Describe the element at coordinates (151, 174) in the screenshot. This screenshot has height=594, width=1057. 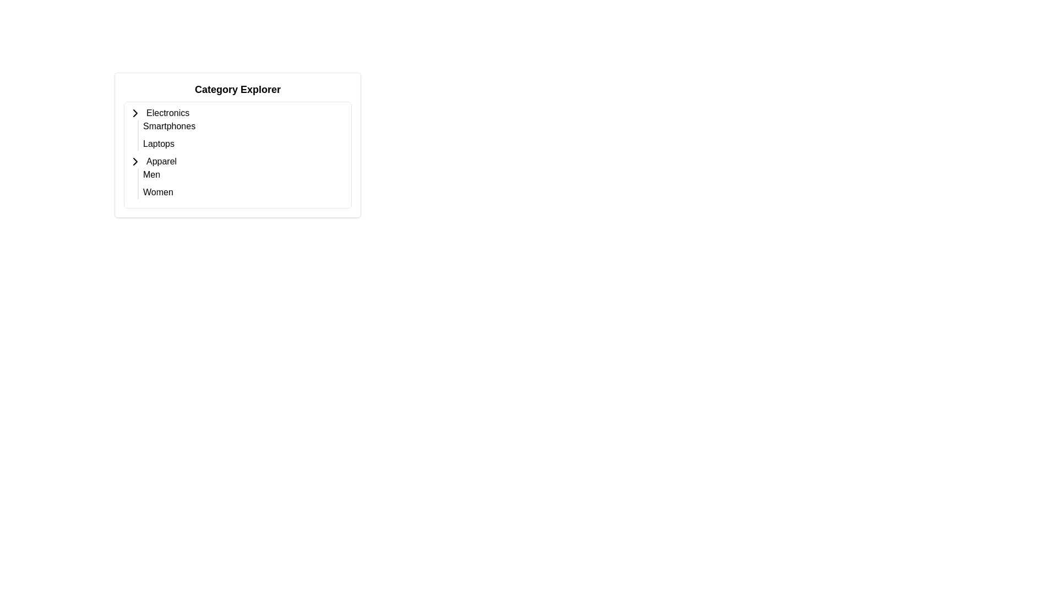
I see `to select the 'Men' category text label located under the 'Apparel' section in the 'Category Explorer' navigation menu` at that location.